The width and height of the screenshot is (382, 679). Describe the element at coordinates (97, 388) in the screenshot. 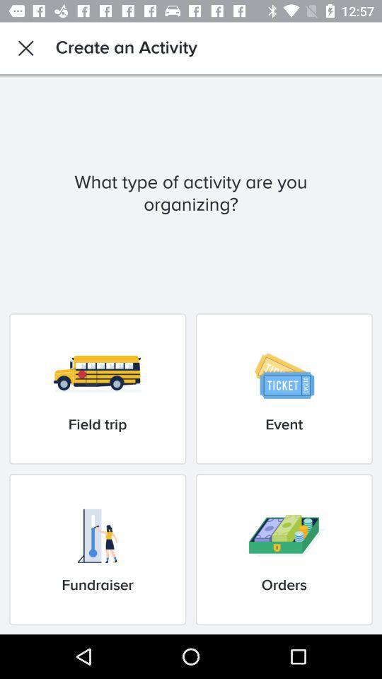

I see `icon on the left` at that location.